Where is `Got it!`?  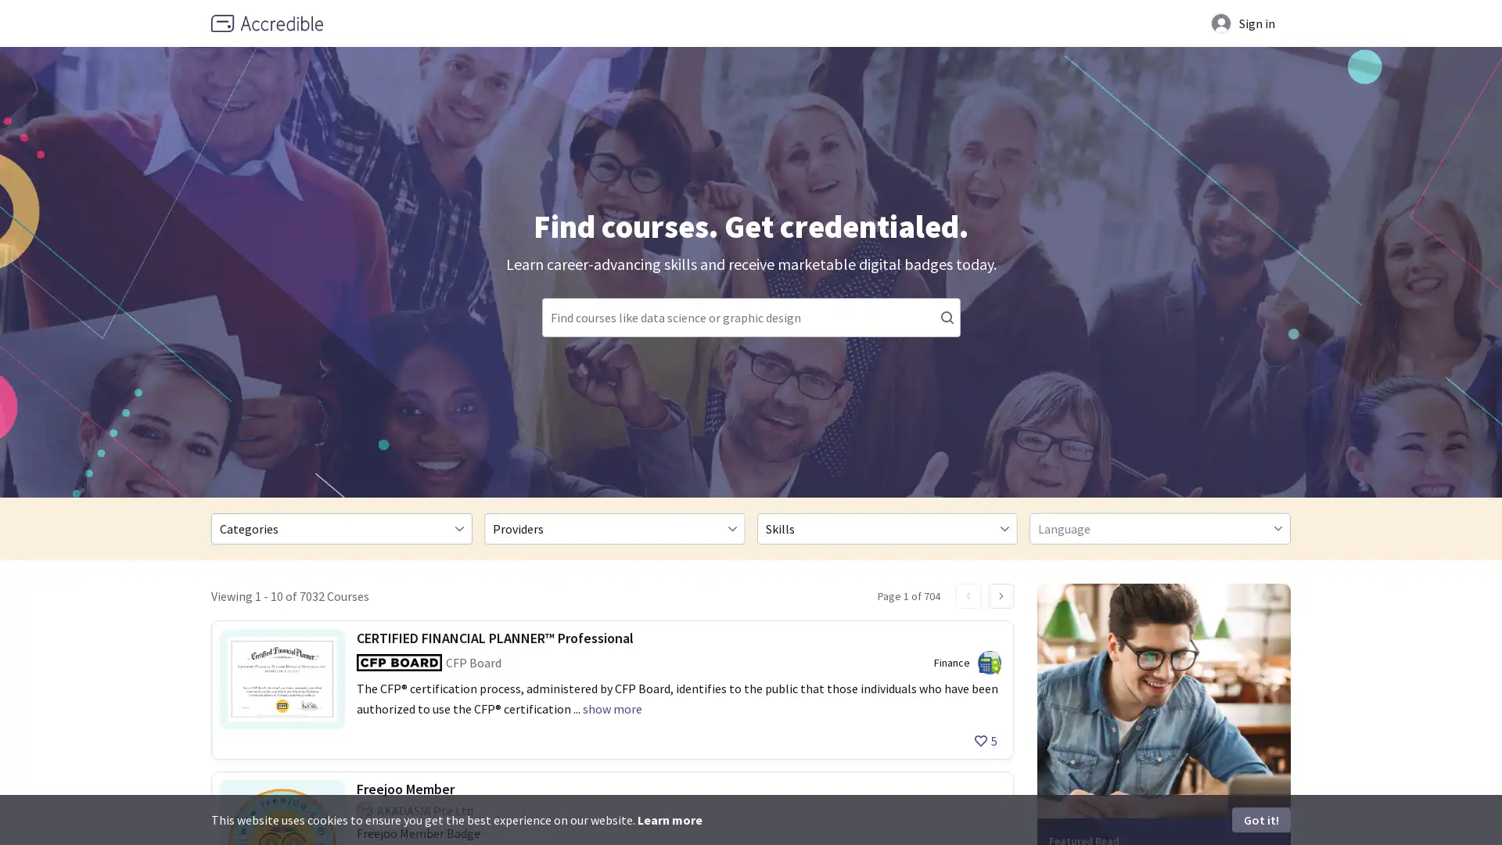 Got it! is located at coordinates (1261, 819).